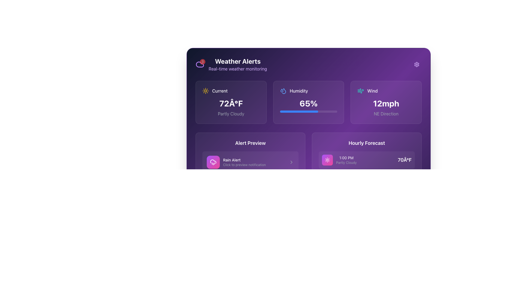  Describe the element at coordinates (346, 160) in the screenshot. I see `the text label displaying '1:00 PM' in white and 'Partly Cloudy' in a smaller font, located at the bottom-right of the 'Hourly Forecast' section, next to a sun icon and a temperature block` at that location.